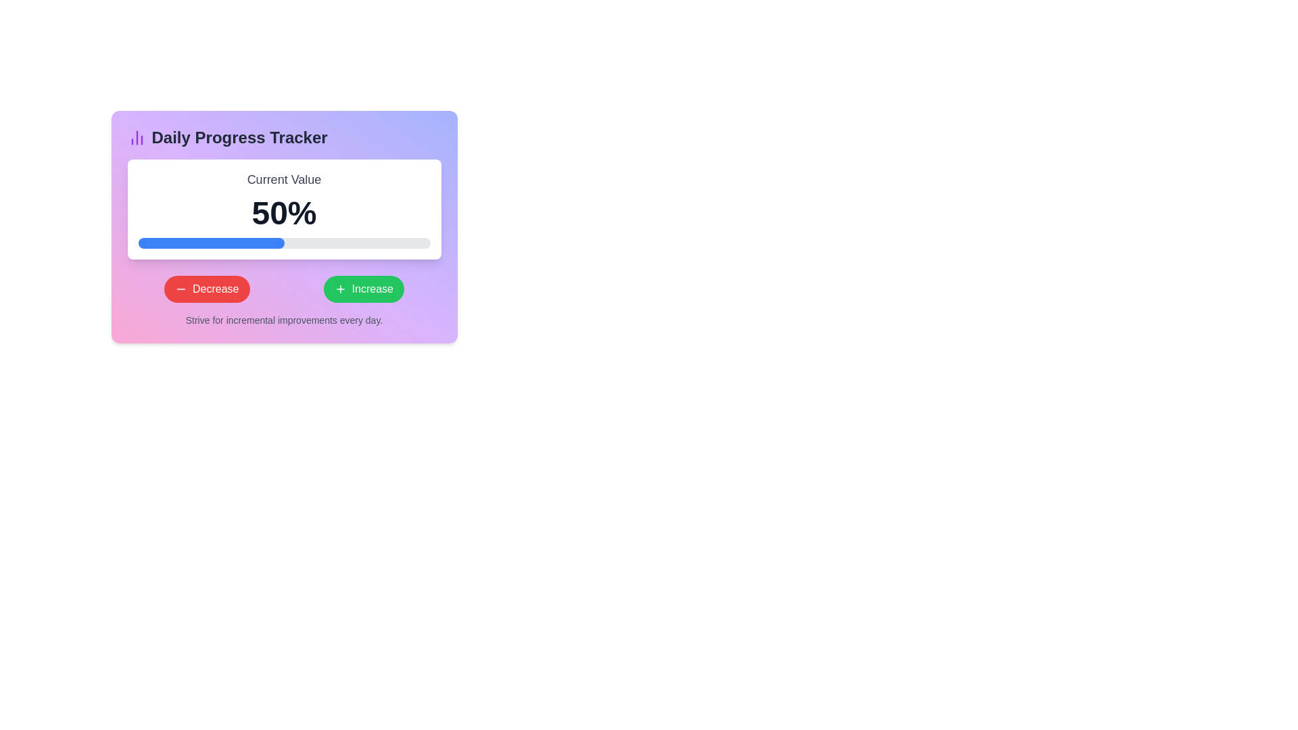 This screenshot has height=730, width=1298. I want to click on the progress bar, which is a thin, horizontally elongated rectangular element with a gray background and a blue segment filling half of it, located under the text '50%' and 'Current Value', so click(283, 242).